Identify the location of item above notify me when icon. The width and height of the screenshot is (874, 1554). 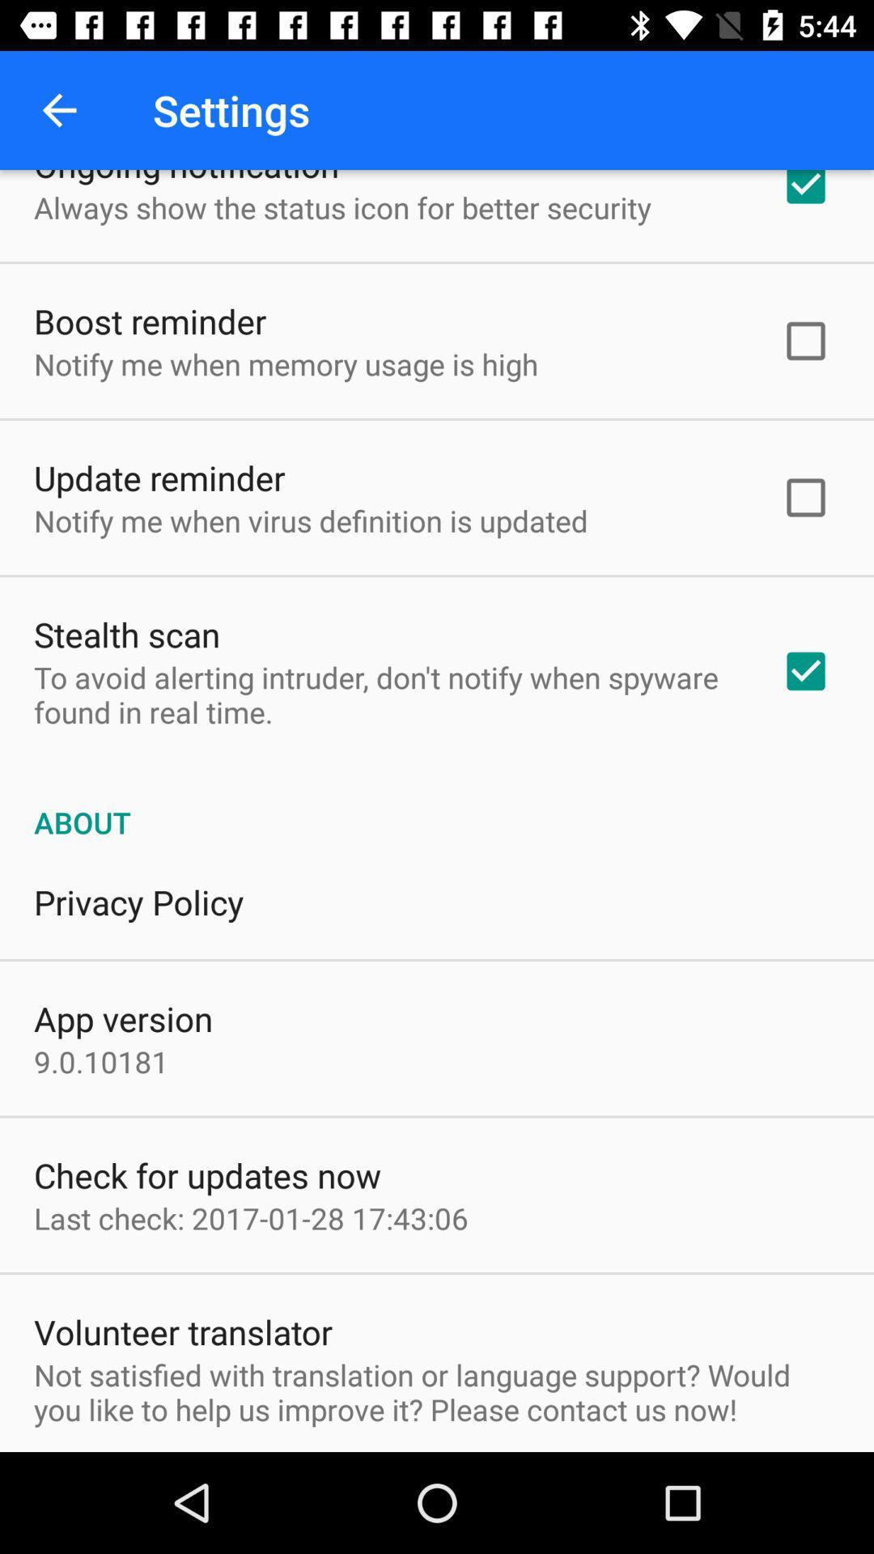
(159, 477).